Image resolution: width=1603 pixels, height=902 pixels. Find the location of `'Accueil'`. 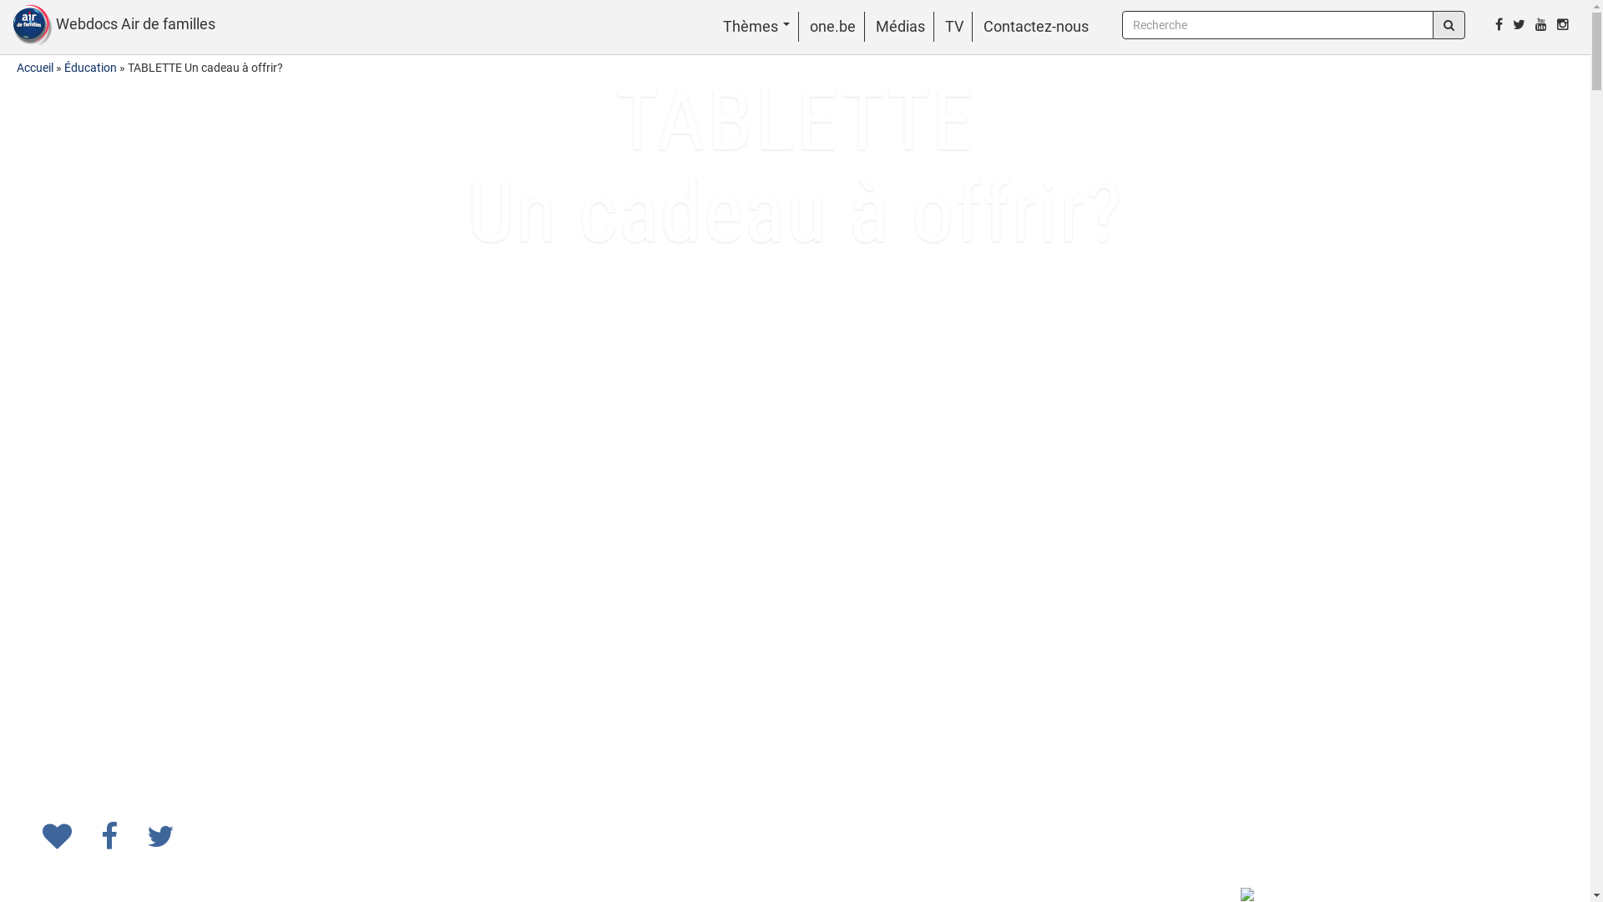

'Accueil' is located at coordinates (35, 67).